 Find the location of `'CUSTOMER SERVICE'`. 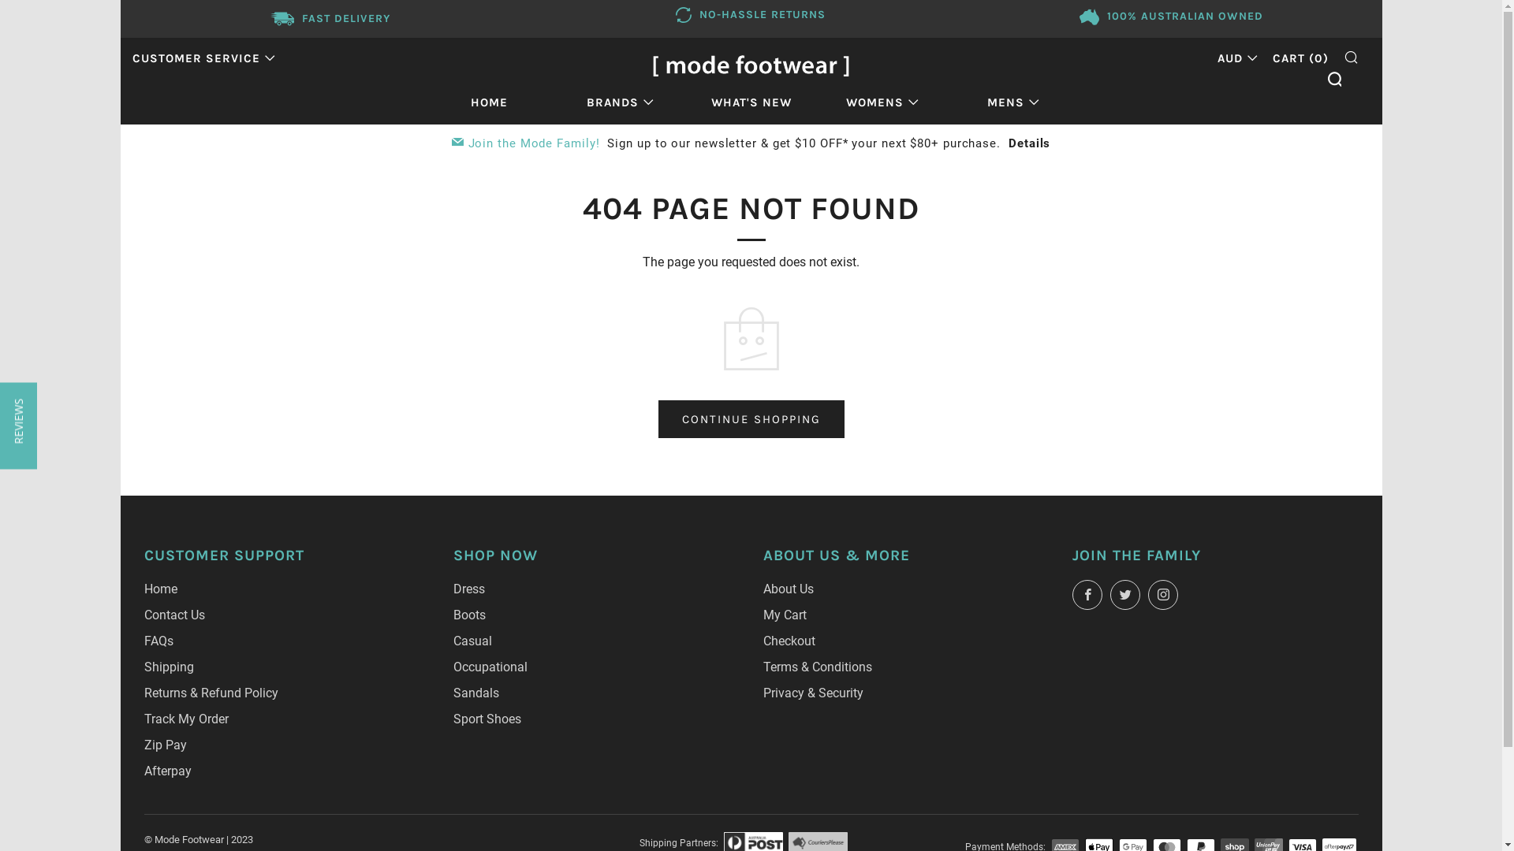

'CUSTOMER SERVICE' is located at coordinates (203, 57).